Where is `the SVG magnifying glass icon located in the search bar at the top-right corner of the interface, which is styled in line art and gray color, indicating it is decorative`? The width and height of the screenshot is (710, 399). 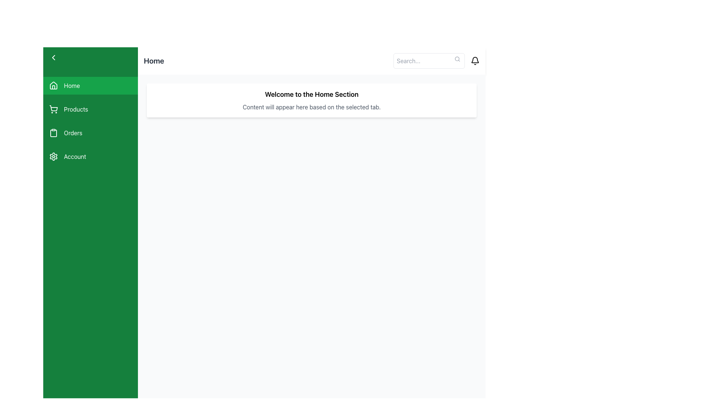
the SVG magnifying glass icon located in the search bar at the top-right corner of the interface, which is styled in line art and gray color, indicating it is decorative is located at coordinates (457, 58).